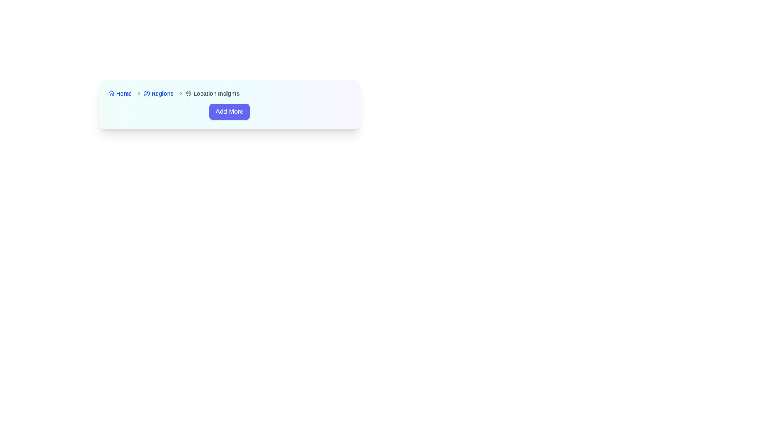 The image size is (764, 430). What do you see at coordinates (162, 93) in the screenshot?
I see `the 'Regions' text link in the breadcrumb navigation menu` at bounding box center [162, 93].